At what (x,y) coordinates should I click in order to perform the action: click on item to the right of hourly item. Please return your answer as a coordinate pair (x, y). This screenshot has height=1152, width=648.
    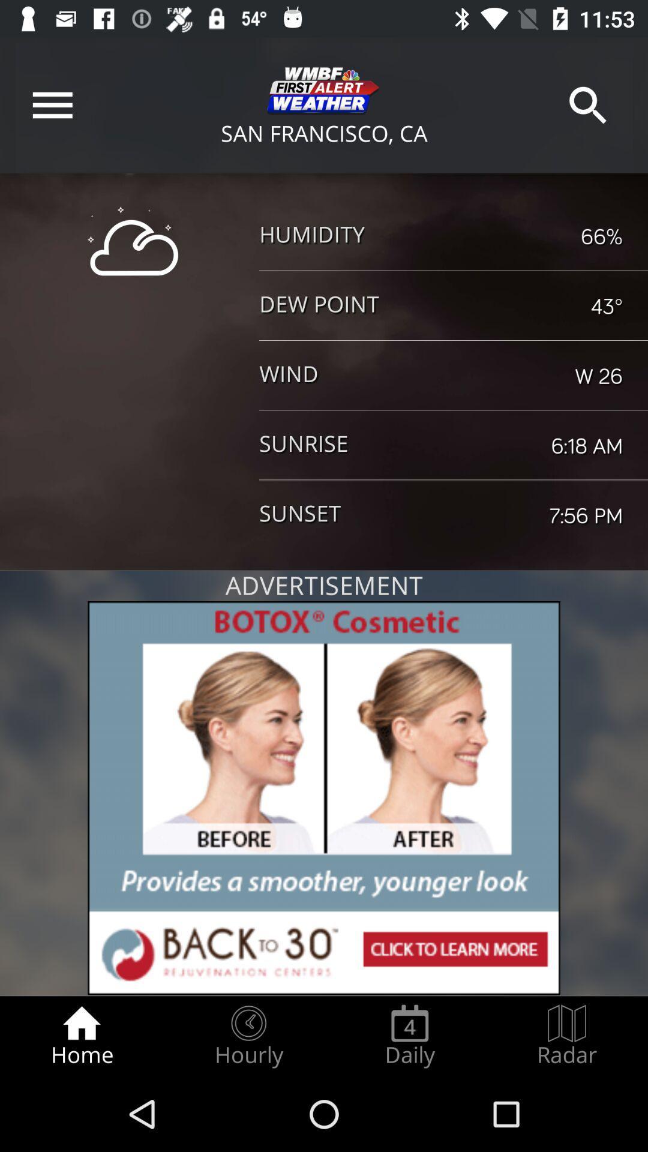
    Looking at the image, I should click on (409, 1036).